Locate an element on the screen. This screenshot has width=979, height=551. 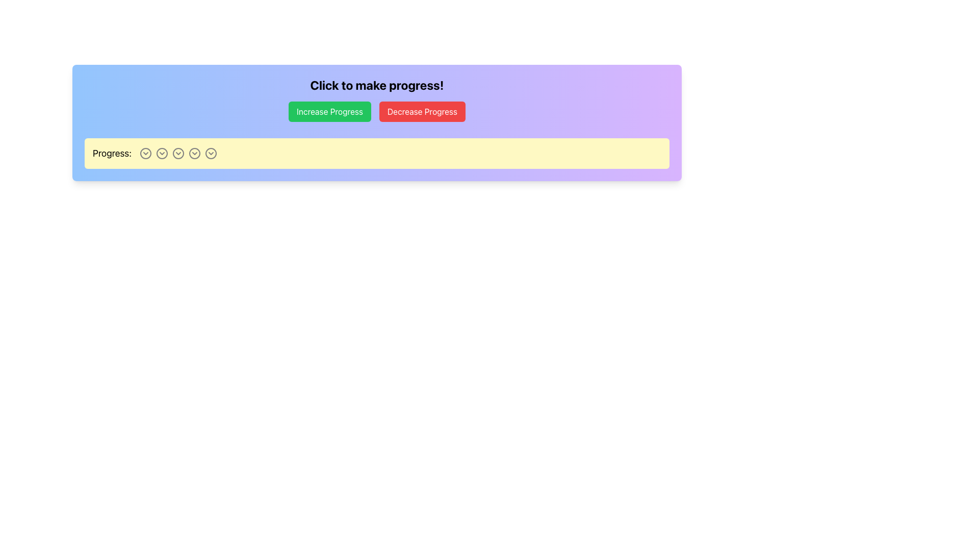
the first circular Icon Button located alongside the text 'Progress:' is located at coordinates (145, 153).